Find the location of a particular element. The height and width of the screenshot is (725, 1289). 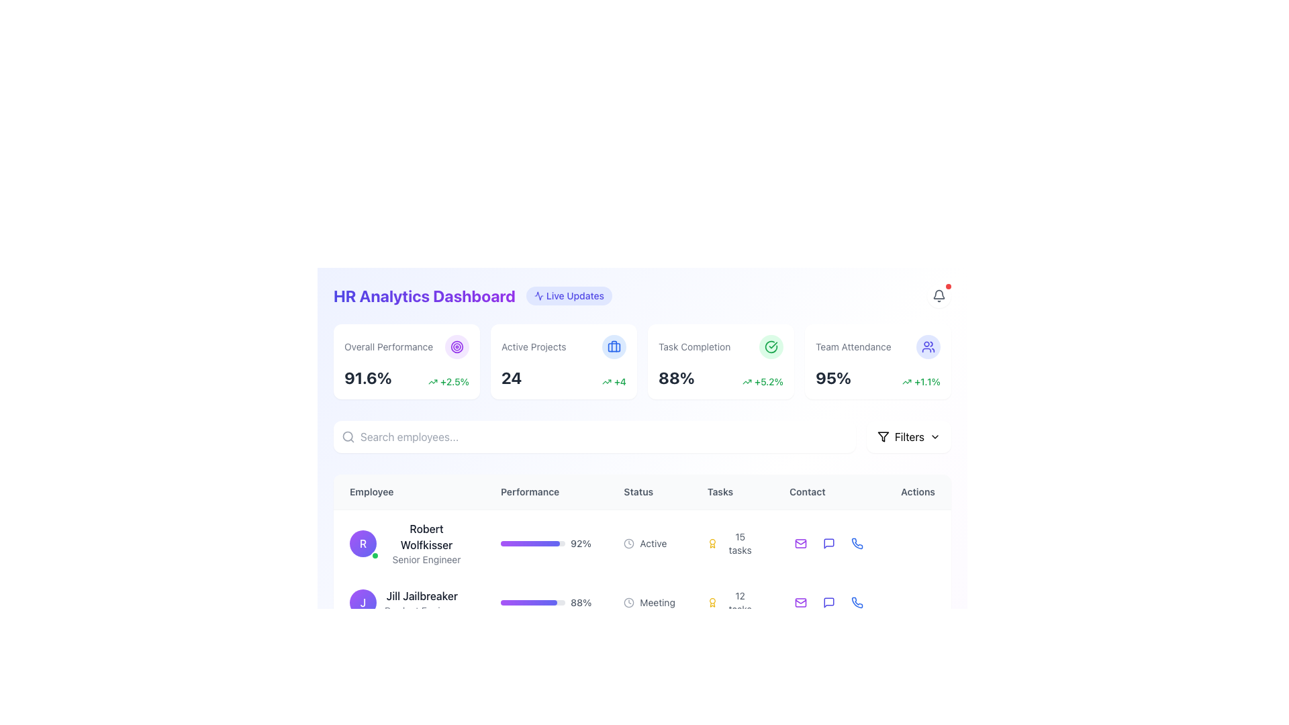

the Information Display Component that shows the performance metric (95%) for user 'Henry Silkeater' in the Performance column is located at coordinates (546, 653).